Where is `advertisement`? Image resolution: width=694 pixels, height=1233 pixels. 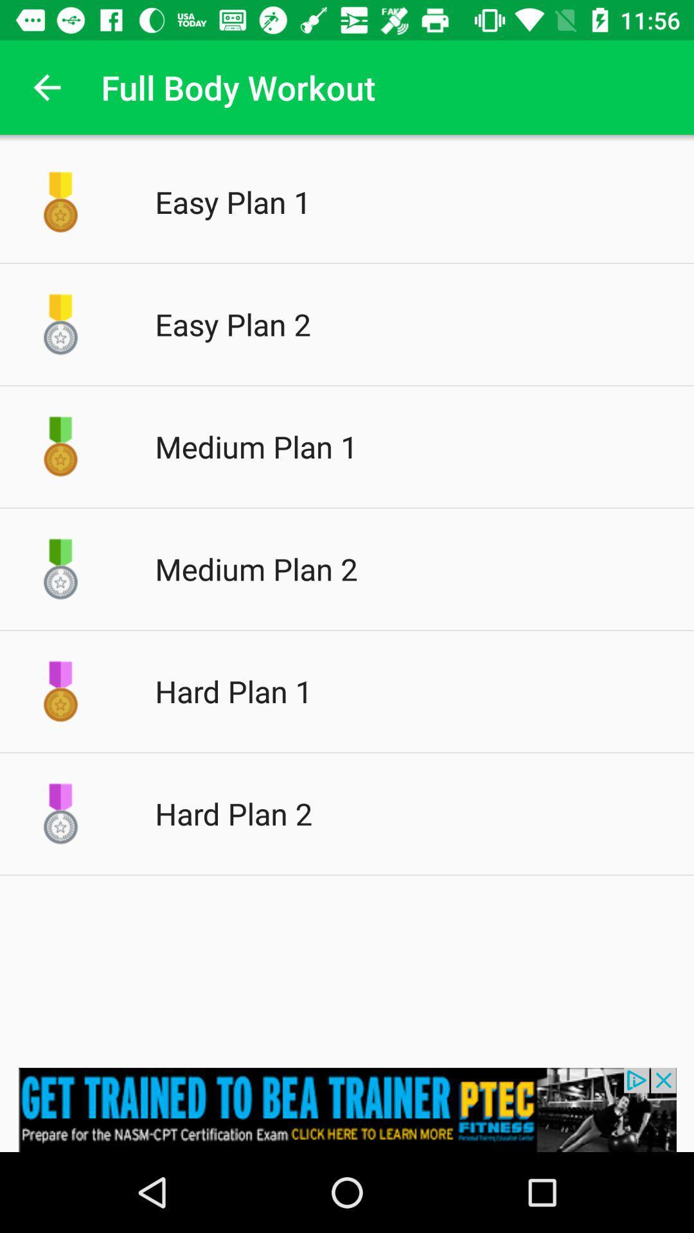
advertisement is located at coordinates (347, 1109).